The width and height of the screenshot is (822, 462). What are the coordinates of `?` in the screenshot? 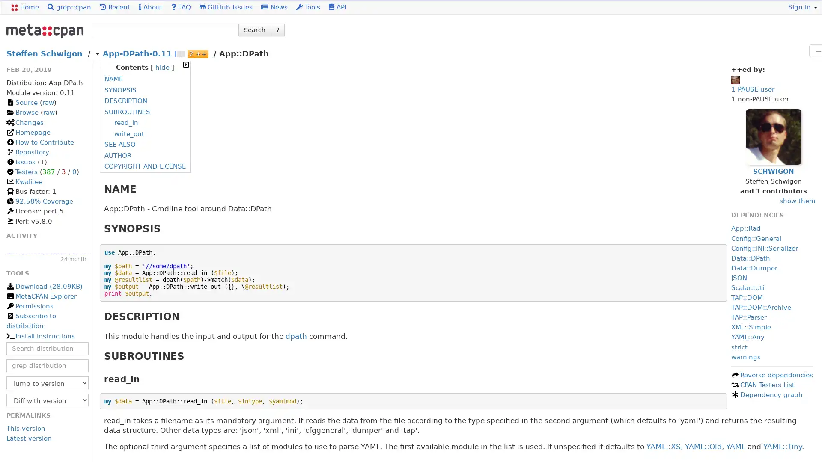 It's located at (277, 29).